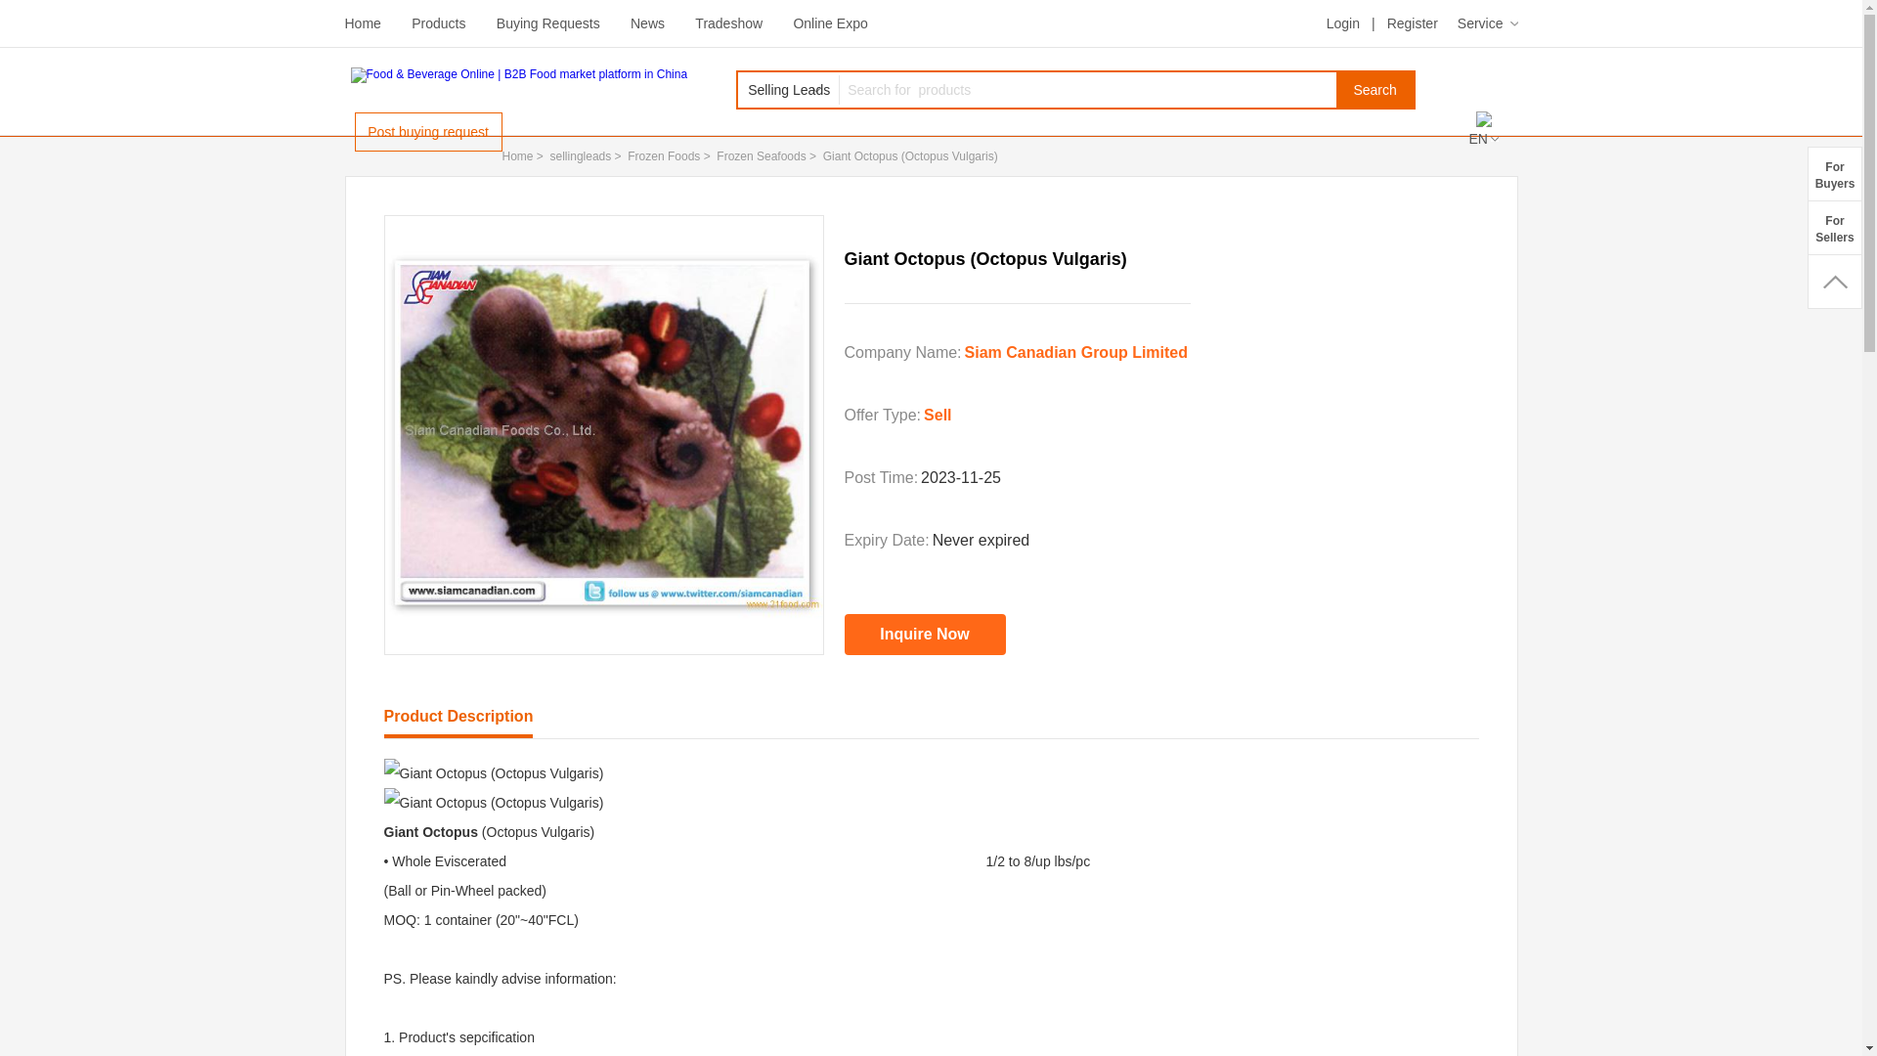  What do you see at coordinates (580, 154) in the screenshot?
I see `'sellingleads'` at bounding box center [580, 154].